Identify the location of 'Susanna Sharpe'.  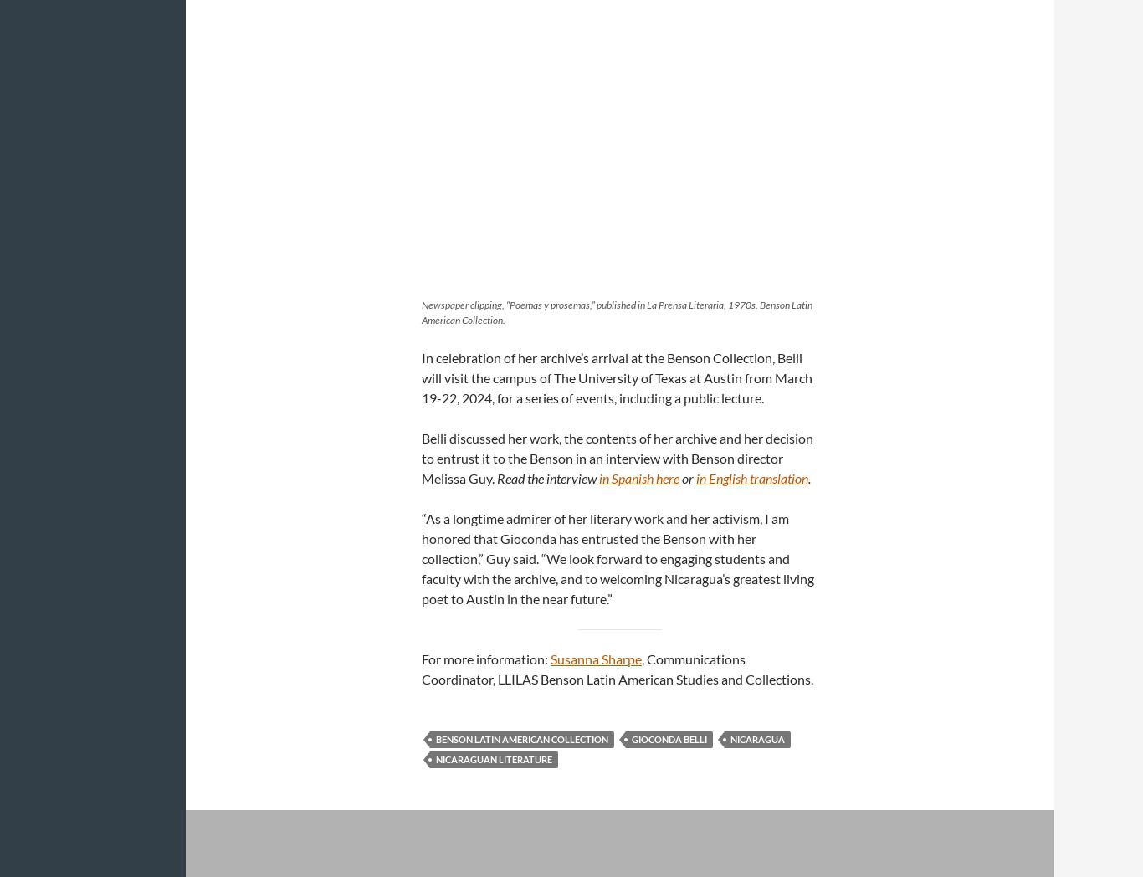
(550, 658).